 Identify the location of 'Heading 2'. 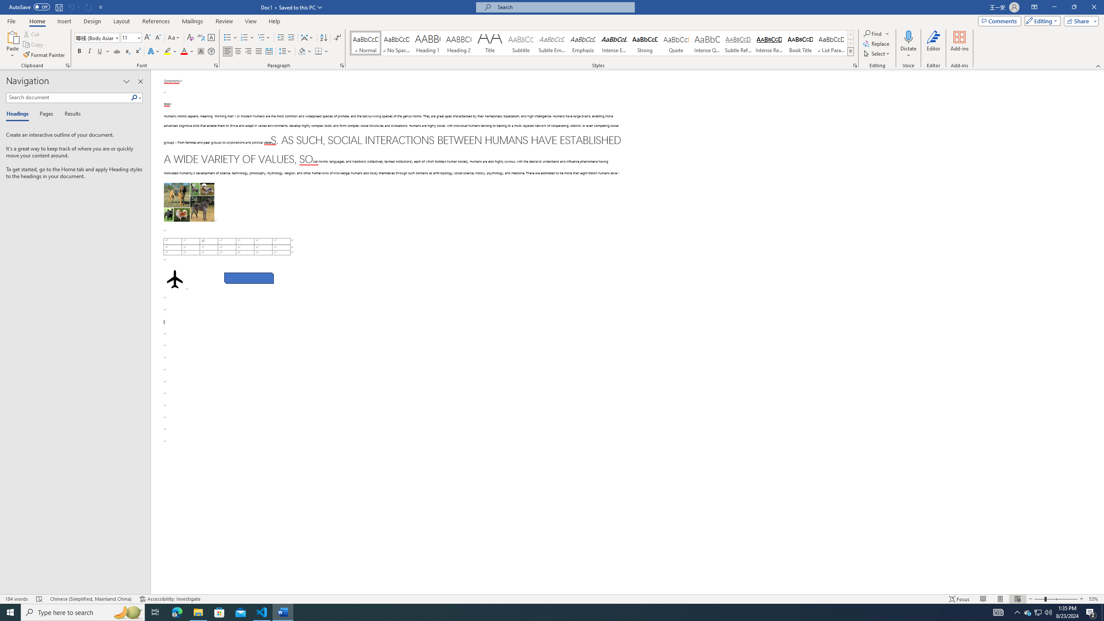
(458, 43).